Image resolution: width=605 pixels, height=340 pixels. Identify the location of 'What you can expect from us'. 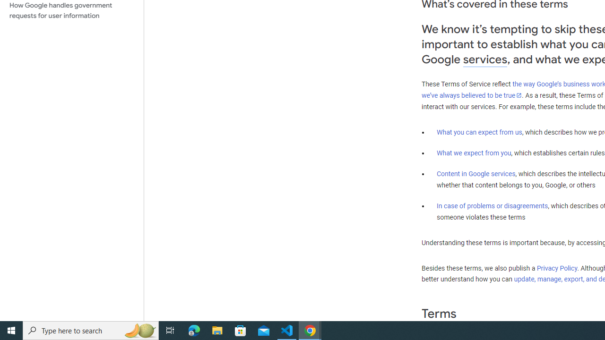
(479, 132).